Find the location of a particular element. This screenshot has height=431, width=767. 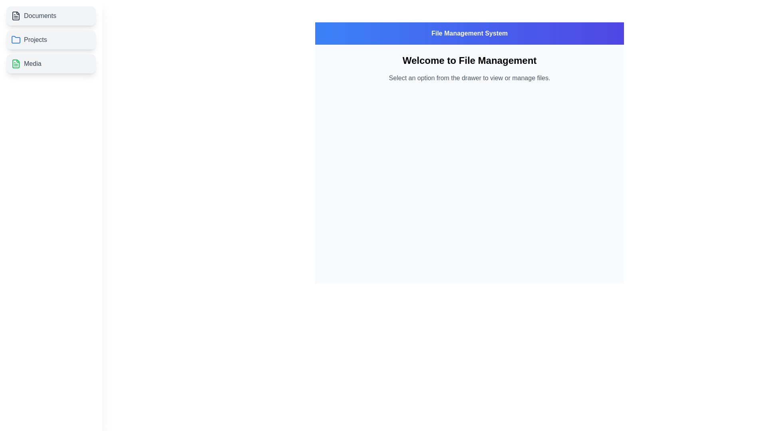

toggle button to open or close the drawer is located at coordinates (16, 16).